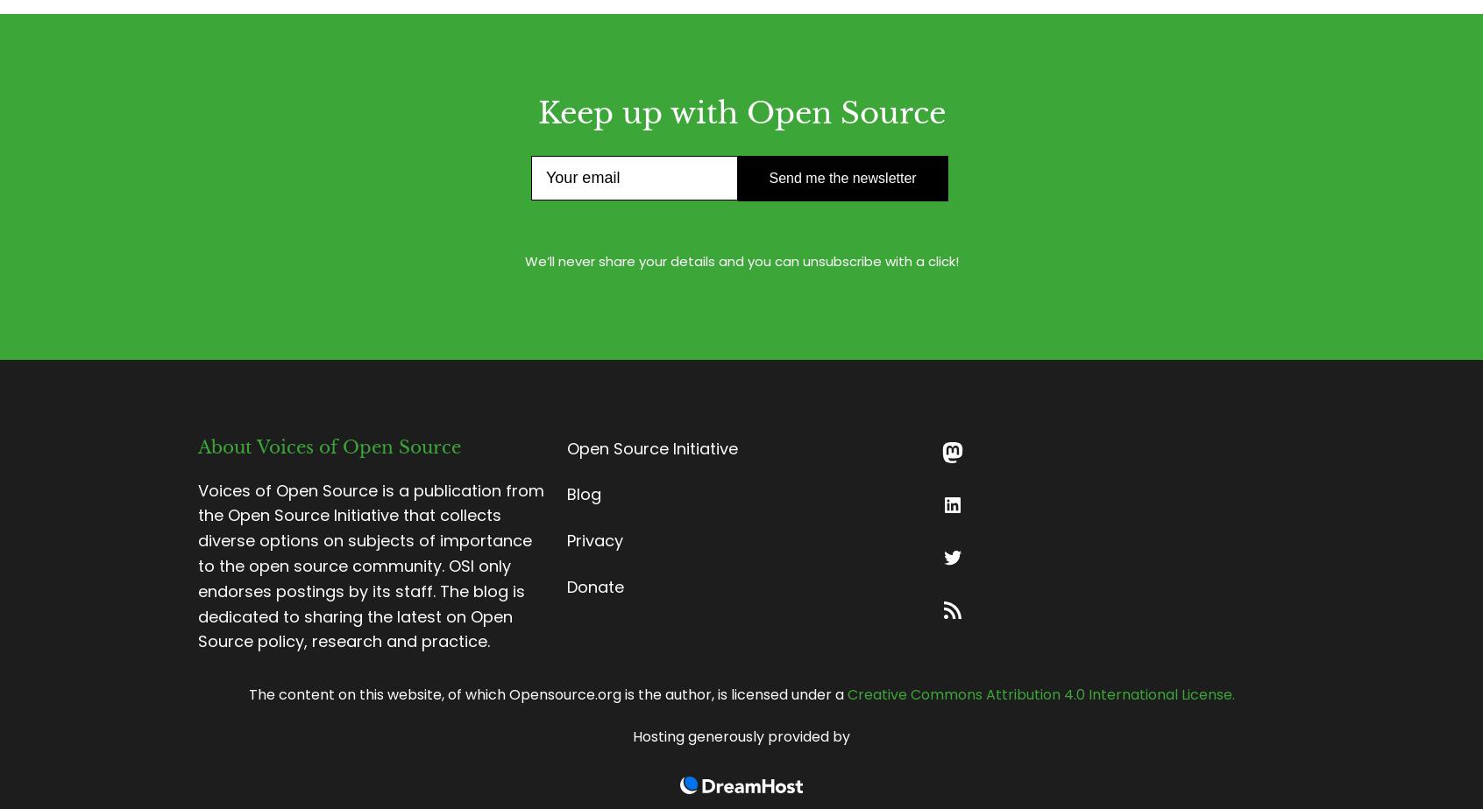 This screenshot has width=1483, height=809. Describe the element at coordinates (595, 587) in the screenshot. I see `'Donate'` at that location.